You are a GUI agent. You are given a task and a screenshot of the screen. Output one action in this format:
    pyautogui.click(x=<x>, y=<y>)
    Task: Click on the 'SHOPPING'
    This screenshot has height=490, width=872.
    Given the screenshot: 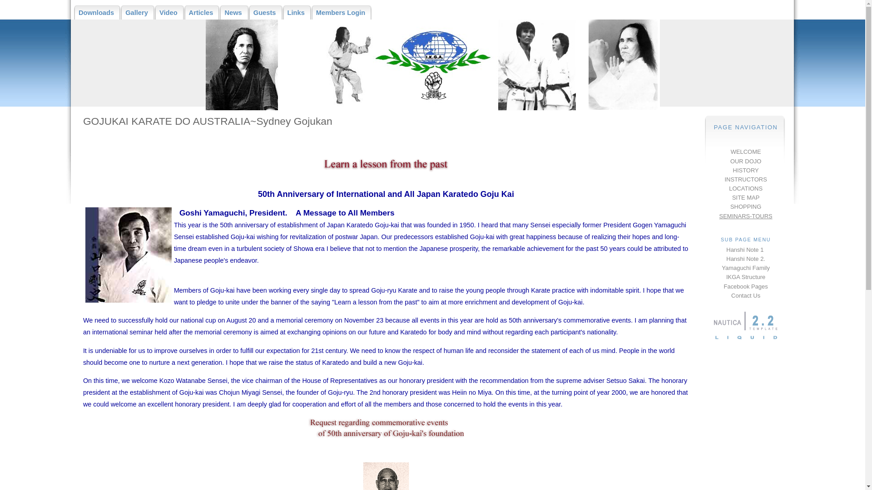 What is the action you would take?
    pyautogui.click(x=745, y=206)
    